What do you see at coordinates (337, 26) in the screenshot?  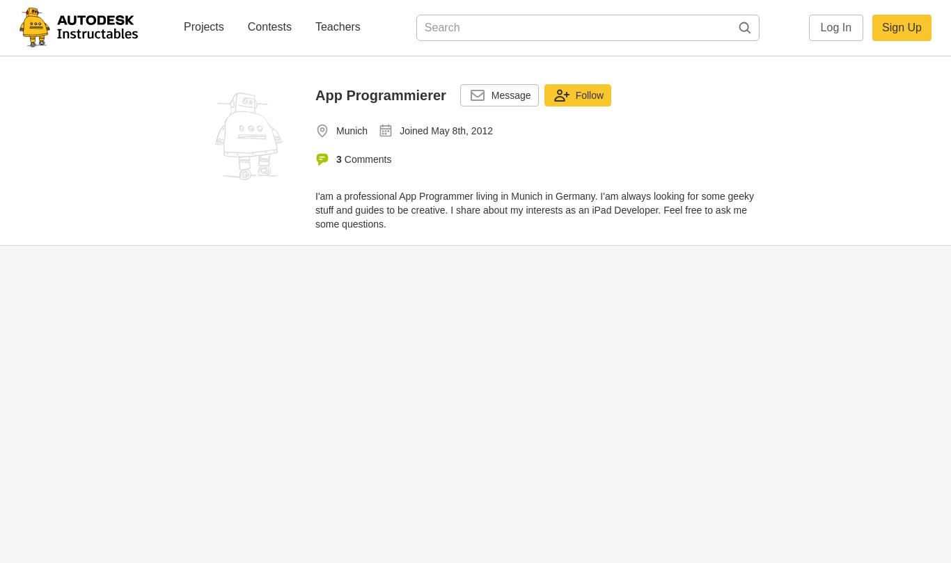 I see `'Teachers'` at bounding box center [337, 26].